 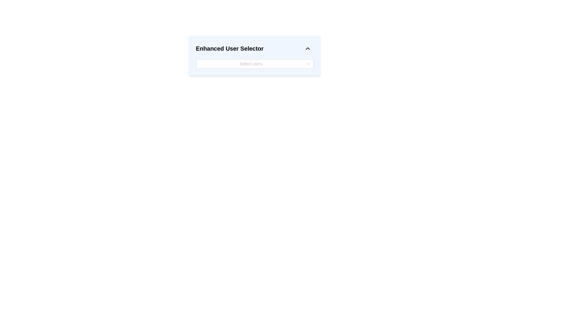 I want to click on the non-interactive placeholder element within the search bar of the 'Select users' dropdown in the 'Enhanced User Selector' section, so click(x=200, y=64).